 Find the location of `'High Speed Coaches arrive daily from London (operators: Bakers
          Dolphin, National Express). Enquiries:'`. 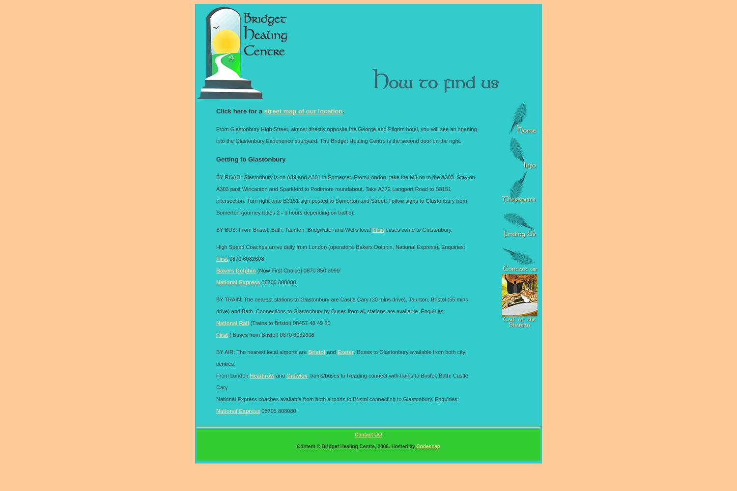

'High Speed Coaches arrive daily from London (operators: Bakers
          Dolphin, National Express). Enquiries:' is located at coordinates (215, 246).